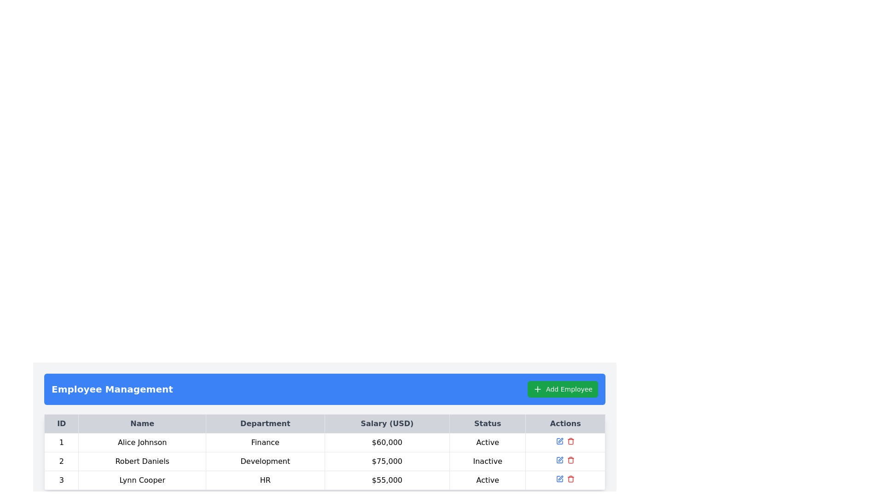 The height and width of the screenshot is (497, 884). I want to click on the read-only text display element that shows the value '$60,000' in a bordered box, located in the fourth column of the first row within the data table, so click(387, 442).